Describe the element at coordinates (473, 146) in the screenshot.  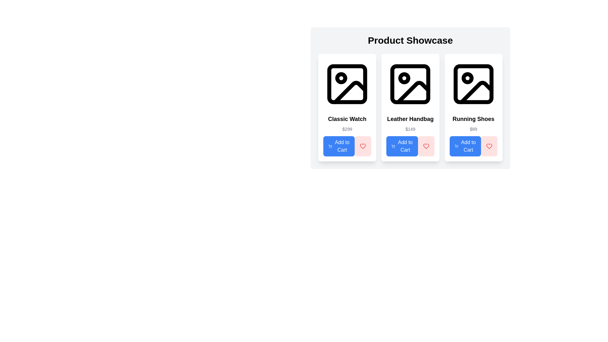
I see `the primary button located at the lower part of the 'Running Shoes' product card` at that location.